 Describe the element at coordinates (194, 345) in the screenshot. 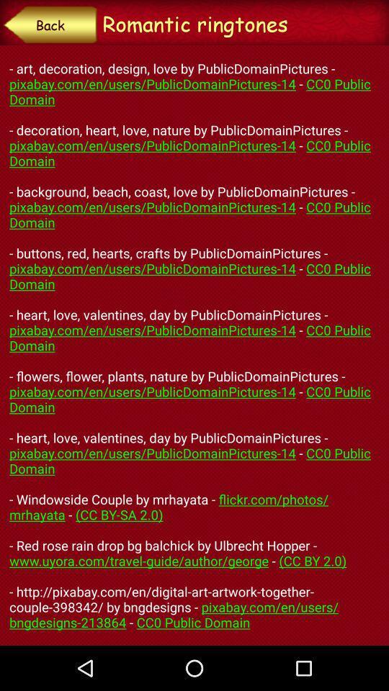

I see `endless love songs icon` at that location.